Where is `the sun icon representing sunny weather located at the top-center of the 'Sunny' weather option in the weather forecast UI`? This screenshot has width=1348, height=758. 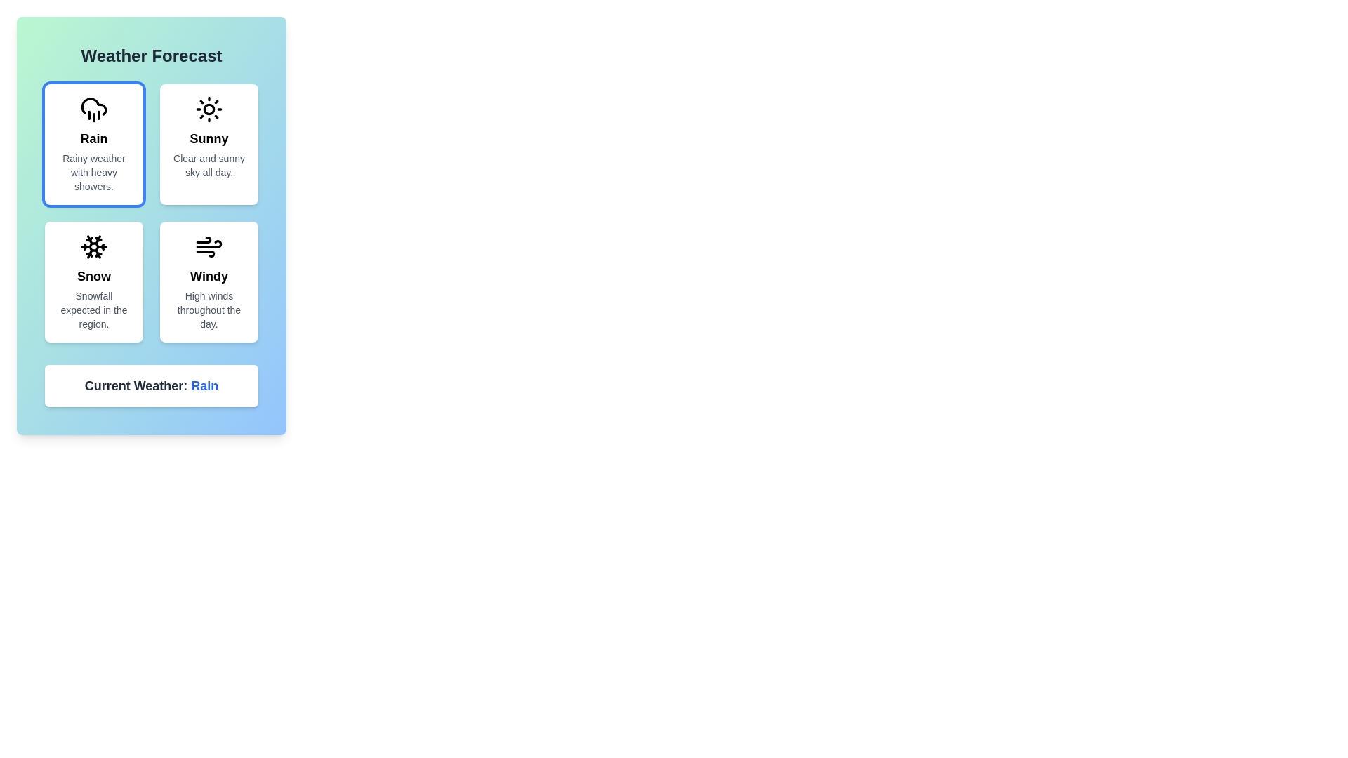
the sun icon representing sunny weather located at the top-center of the 'Sunny' weather option in the weather forecast UI is located at coordinates (208, 108).